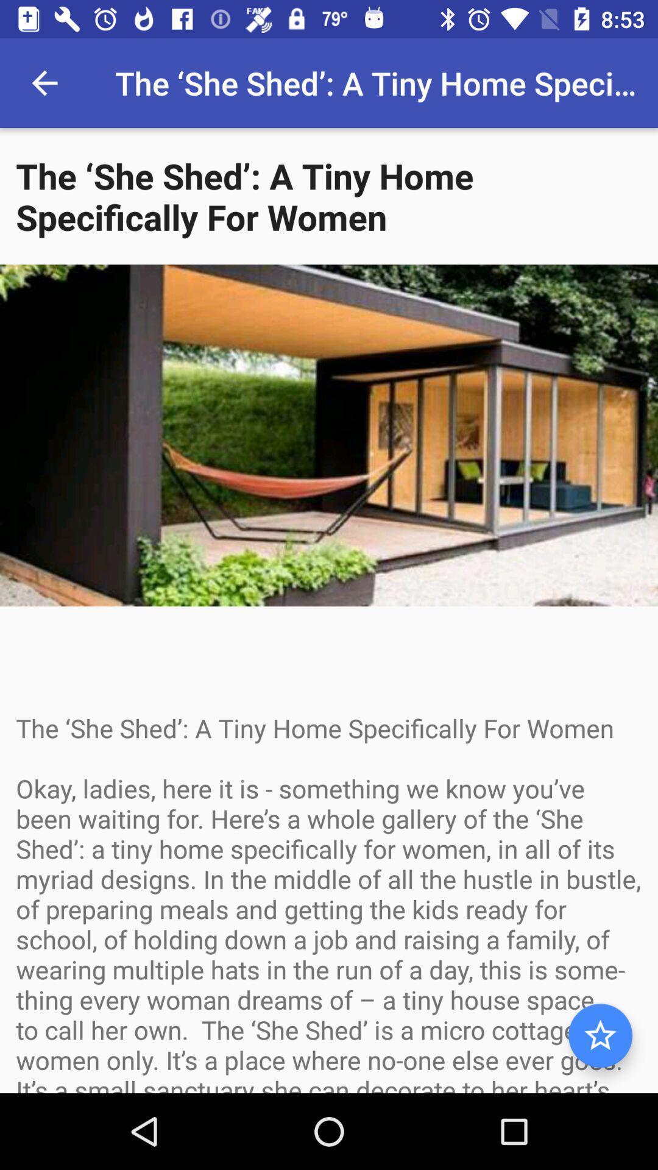 Image resolution: width=658 pixels, height=1170 pixels. Describe the element at coordinates (600, 1035) in the screenshot. I see `the icon at the bottom right corner` at that location.